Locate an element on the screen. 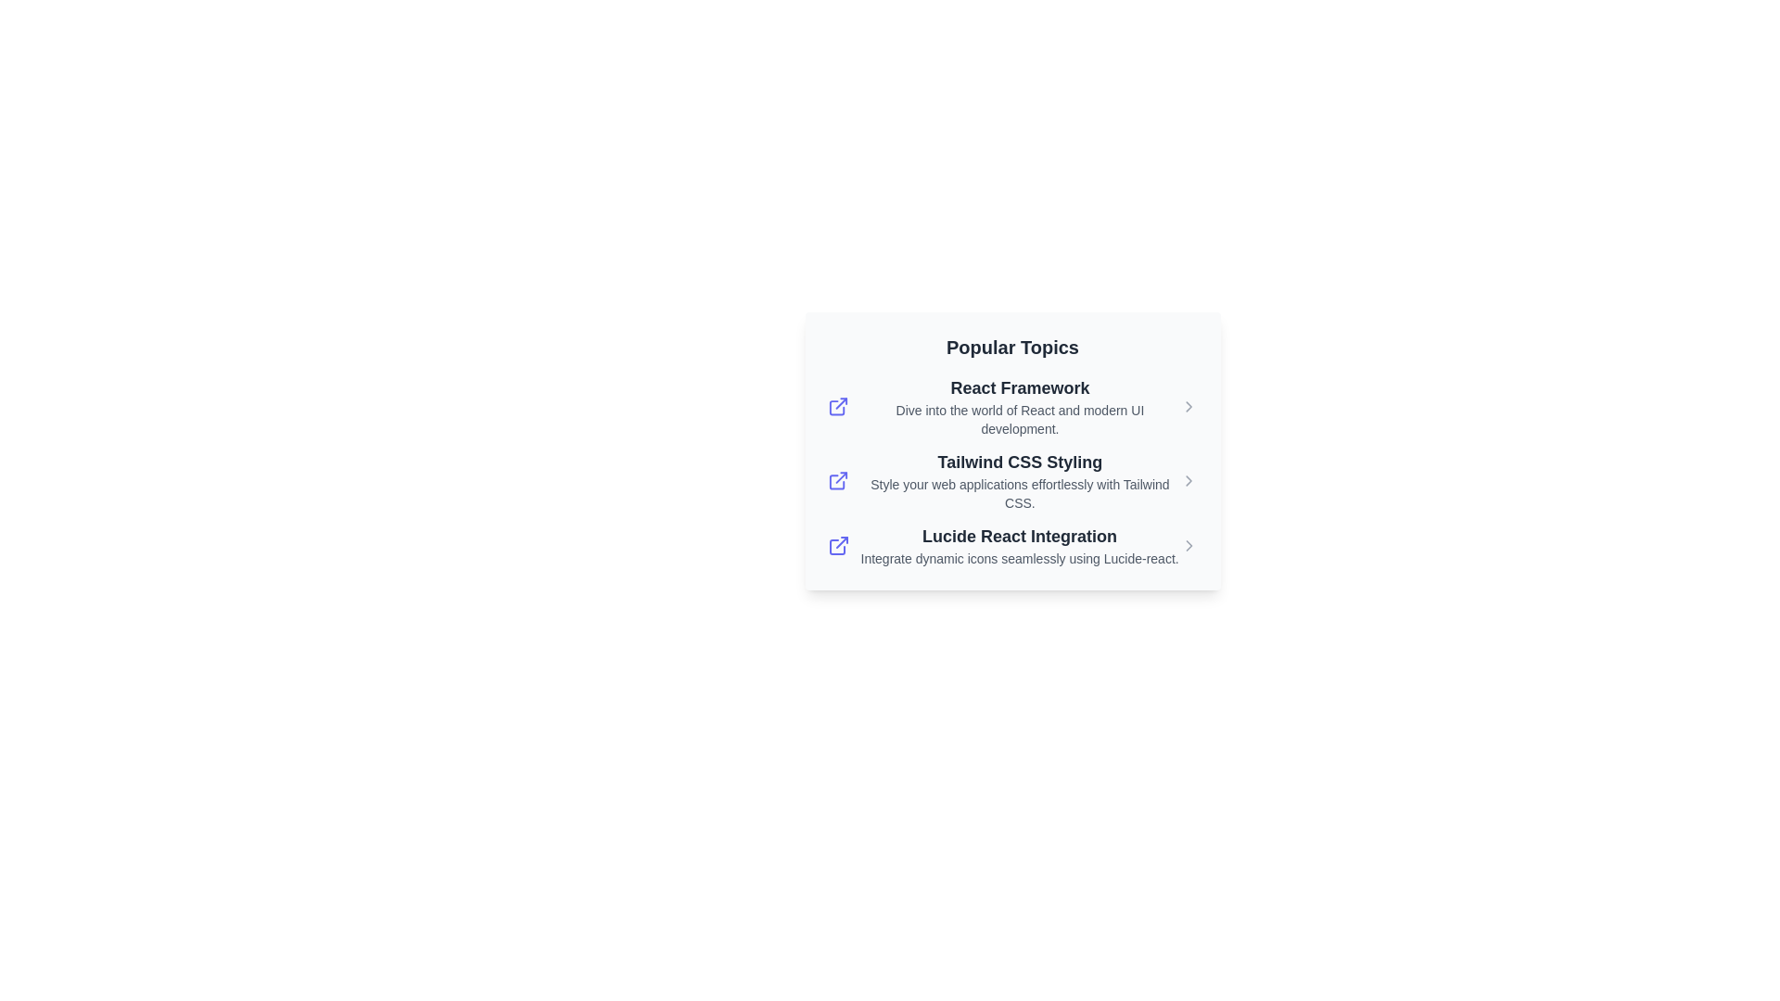 The height and width of the screenshot is (1001, 1780). the informational text that provides a summary related to the 'React Framework', located below the header 'Popular Topics' is located at coordinates (1019, 419).